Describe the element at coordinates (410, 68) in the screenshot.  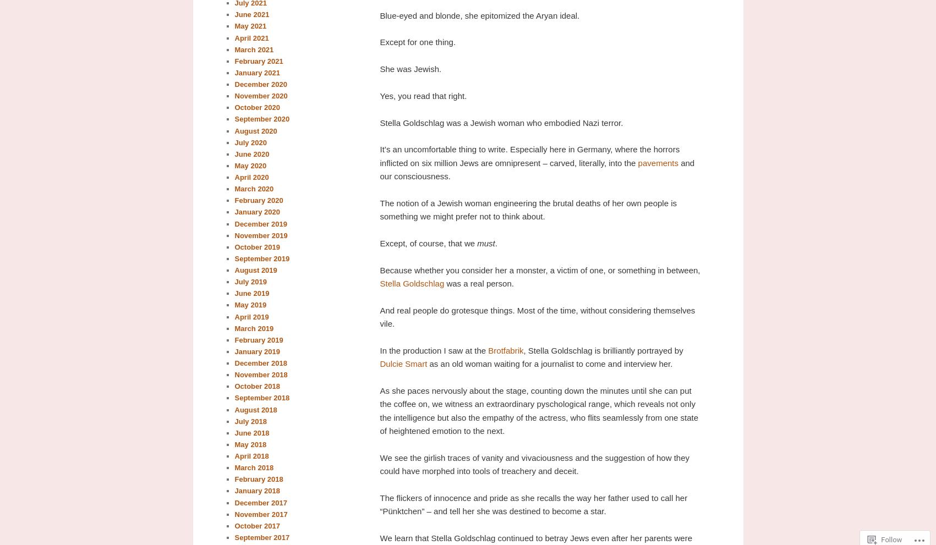
I see `'She was Jewish.'` at that location.